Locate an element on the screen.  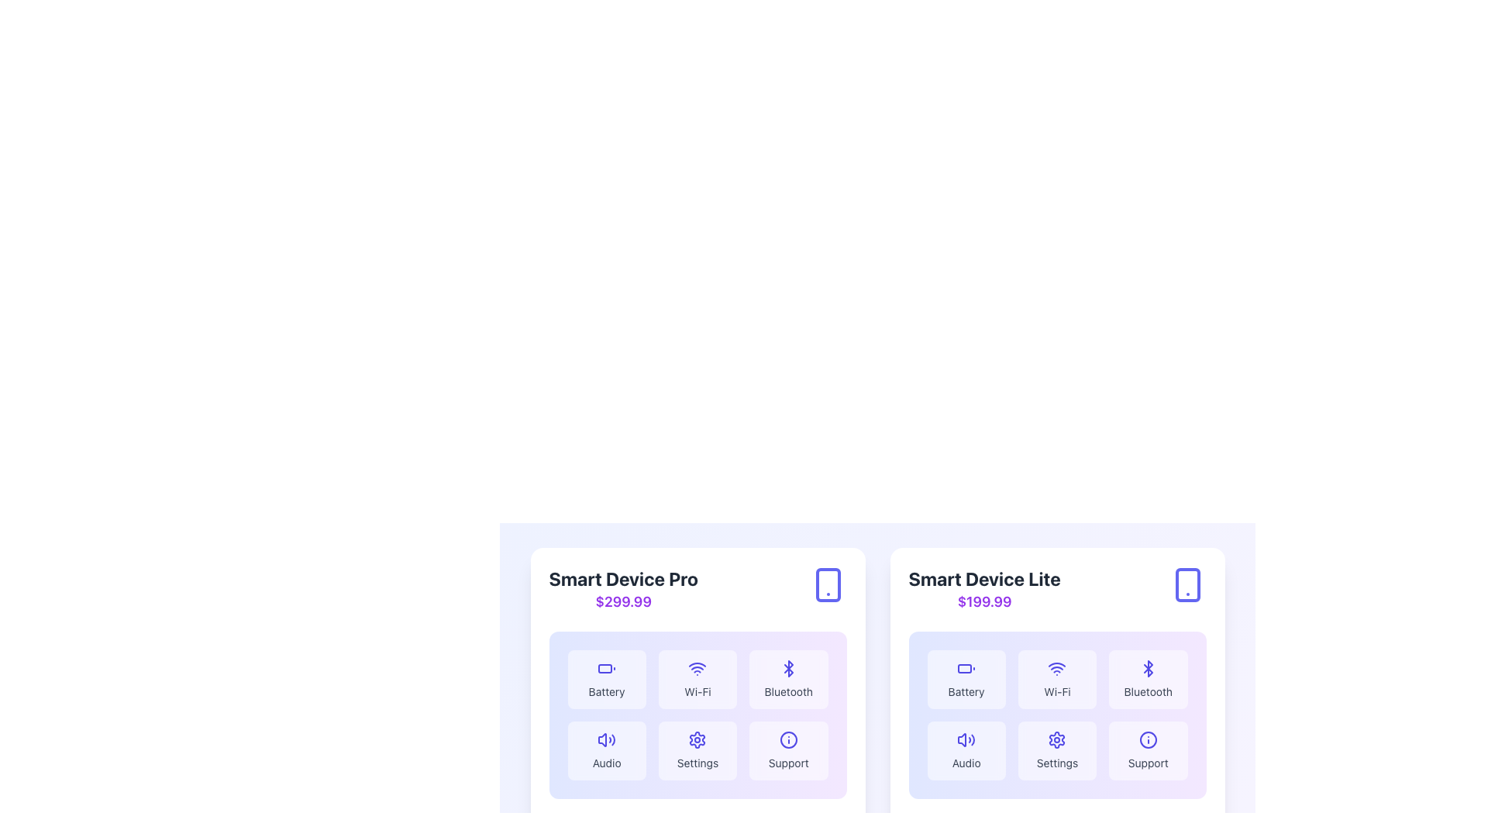
the 'Wi-Fi' label text element, which is located beneath the Wi-Fi icon in the 'Smart Device Pro' card is located at coordinates (697, 691).